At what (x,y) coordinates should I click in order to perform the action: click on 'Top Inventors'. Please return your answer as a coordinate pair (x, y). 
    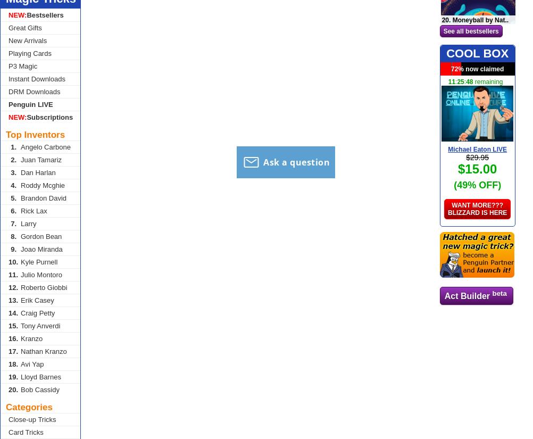
    Looking at the image, I should click on (35, 135).